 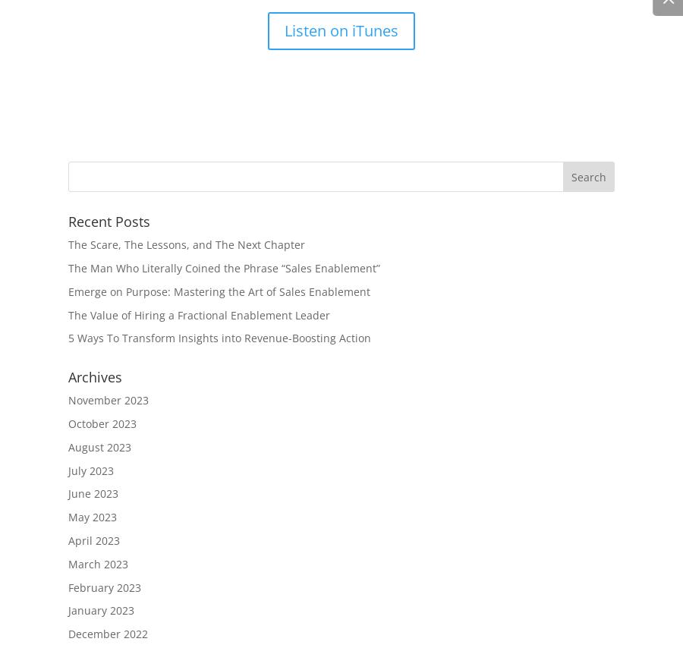 What do you see at coordinates (99, 446) in the screenshot?
I see `'August 2023'` at bounding box center [99, 446].